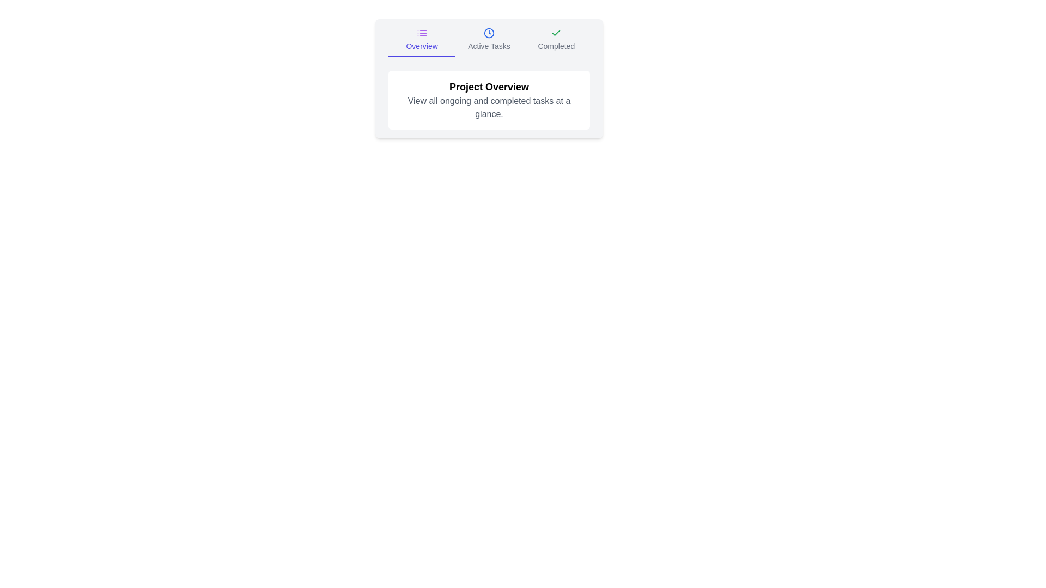  Describe the element at coordinates (421, 41) in the screenshot. I see `the tab labeled Overview to inspect its content` at that location.